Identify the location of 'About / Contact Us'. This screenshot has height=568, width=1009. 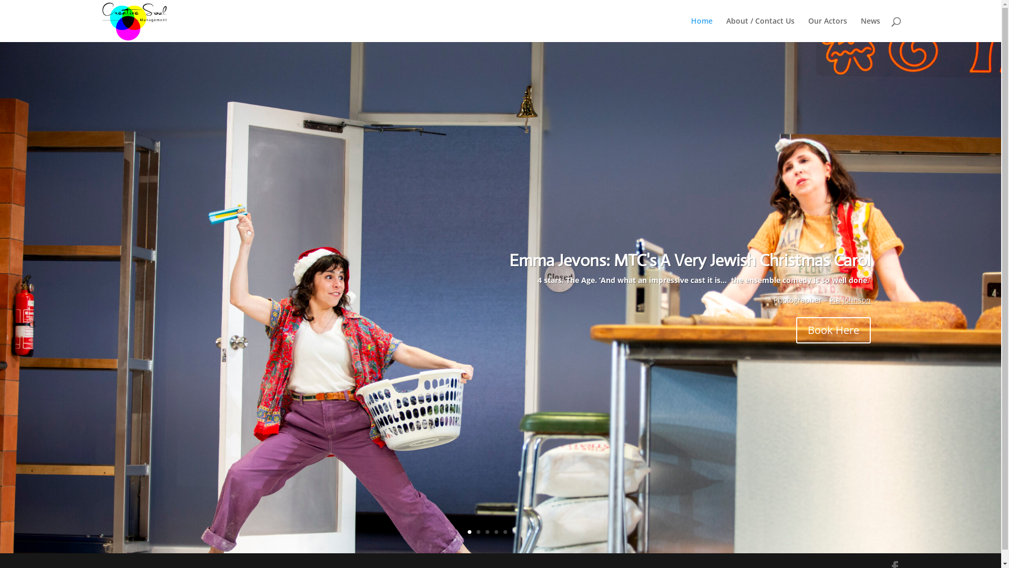
(726, 29).